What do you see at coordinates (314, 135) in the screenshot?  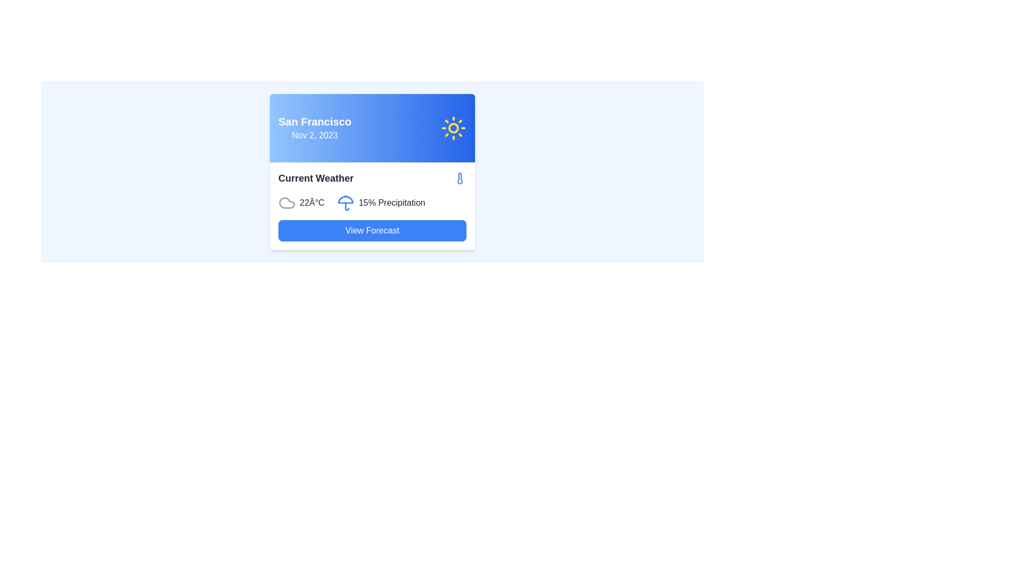 I see `the text label displaying the date 'Nov 2, 2023', which is styled with white text on a blue gradient background, positioned below the 'San Francisco' label` at bounding box center [314, 135].